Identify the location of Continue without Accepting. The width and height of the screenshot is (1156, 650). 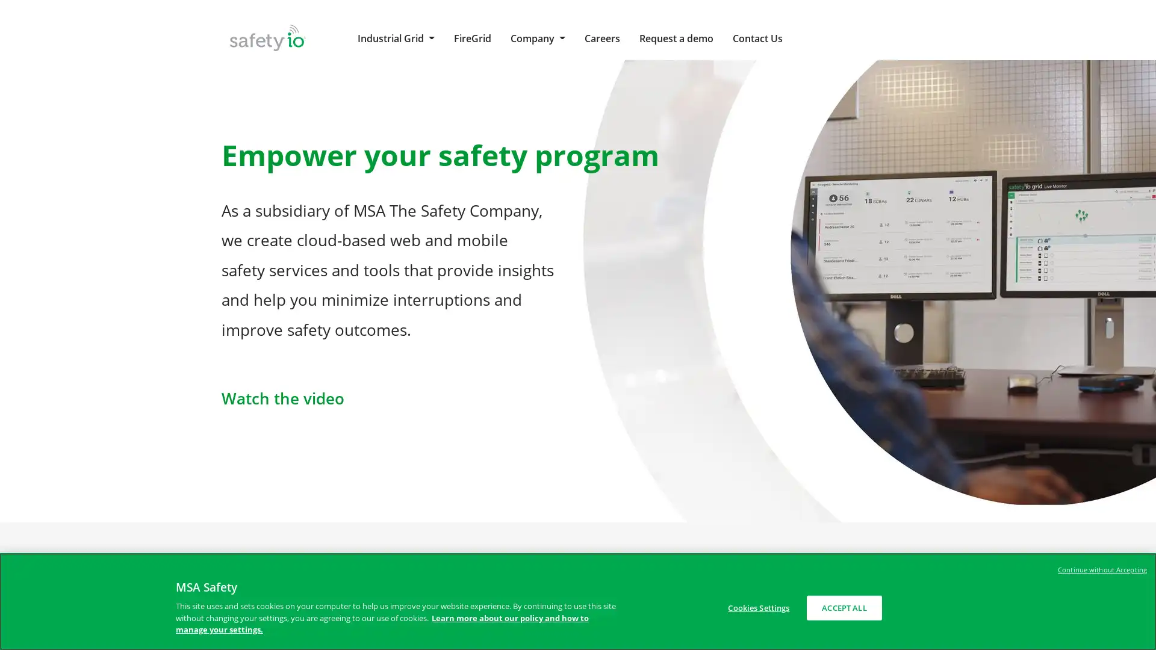
(1102, 569).